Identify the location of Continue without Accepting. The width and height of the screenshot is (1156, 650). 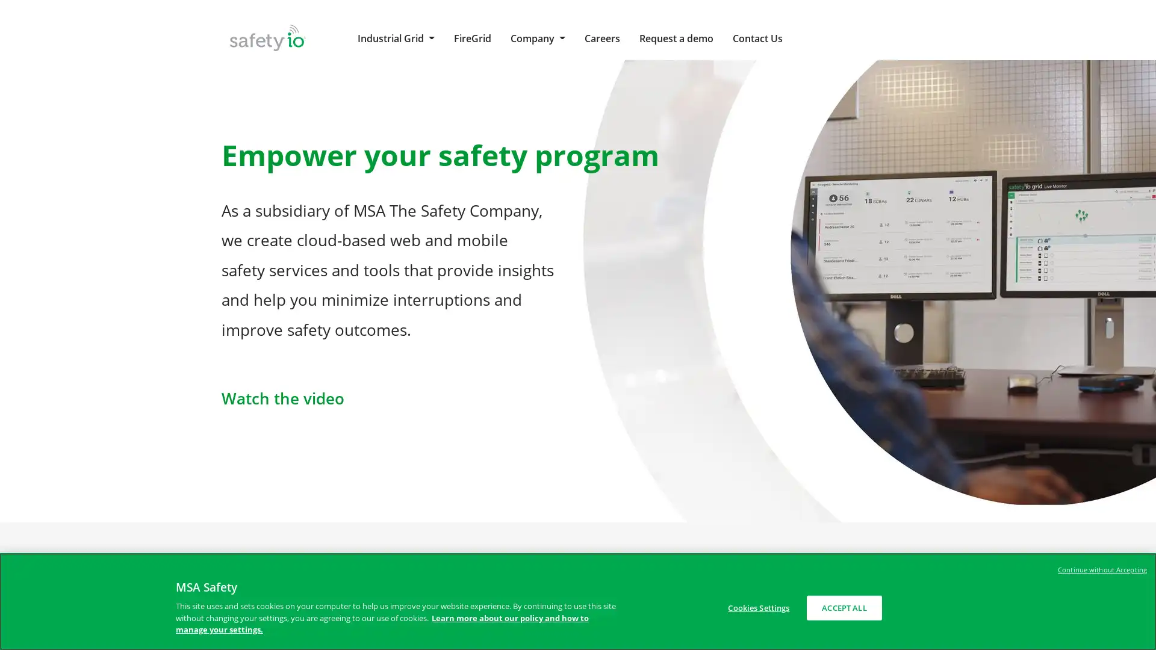
(1102, 569).